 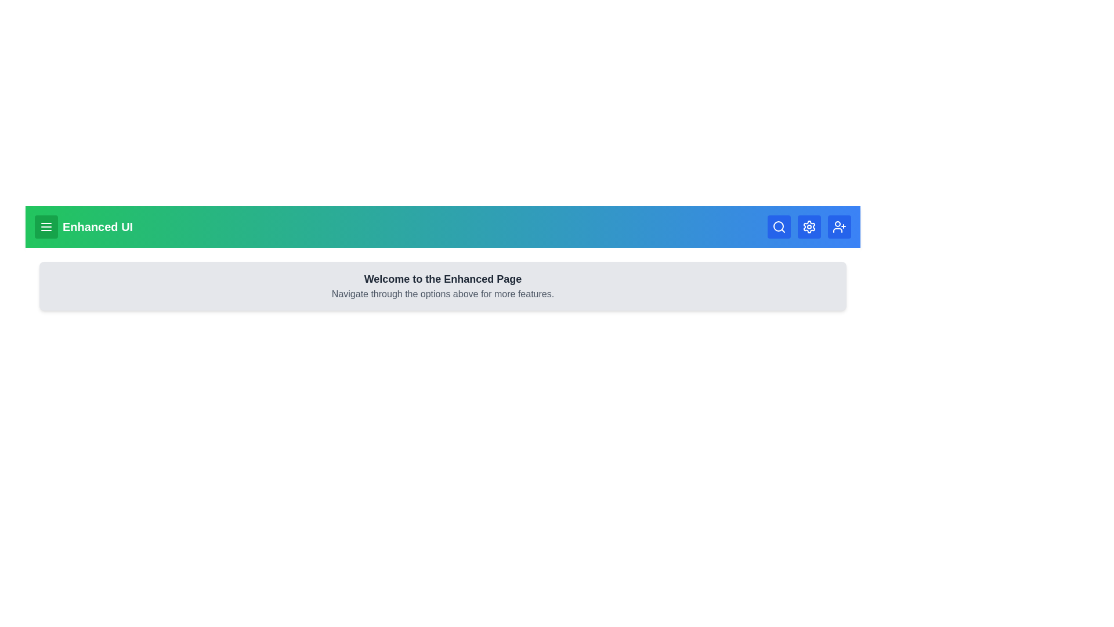 What do you see at coordinates (779, 226) in the screenshot?
I see `the search button in the EnhancedAppBar component` at bounding box center [779, 226].